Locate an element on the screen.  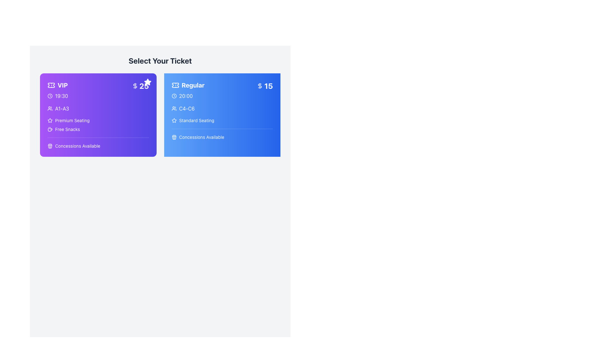
the blue hollow star icon with rounded edges located to the left of the 'Standard Seating' label in the 'Regular' ticket card is located at coordinates (174, 120).